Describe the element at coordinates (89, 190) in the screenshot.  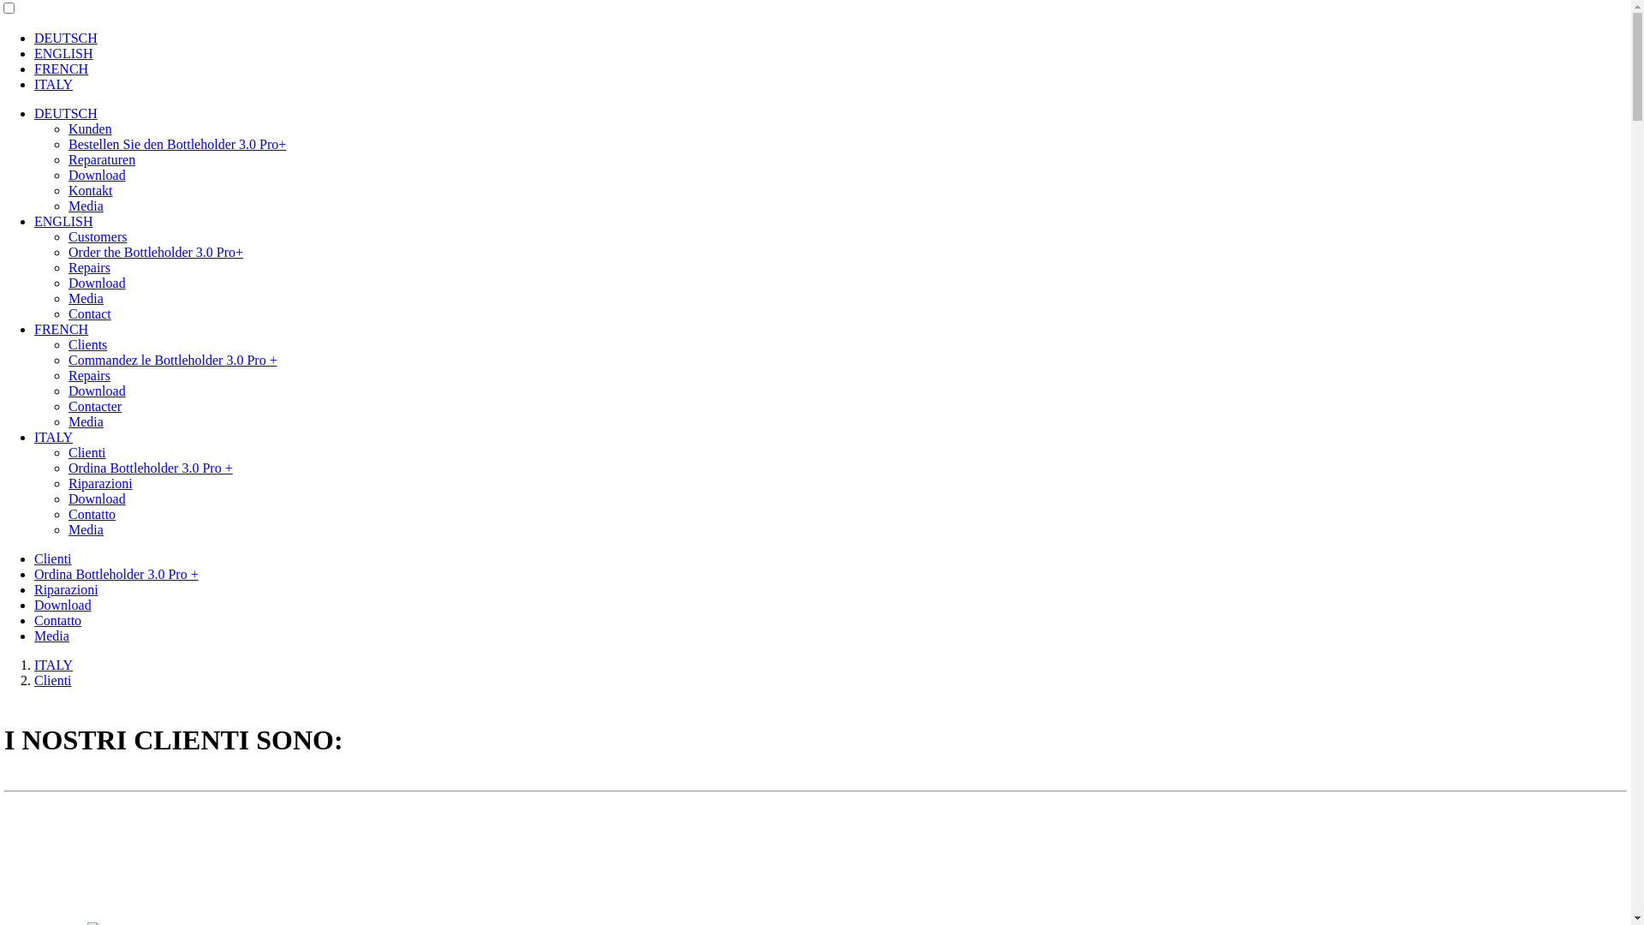
I see `'Kontakt'` at that location.